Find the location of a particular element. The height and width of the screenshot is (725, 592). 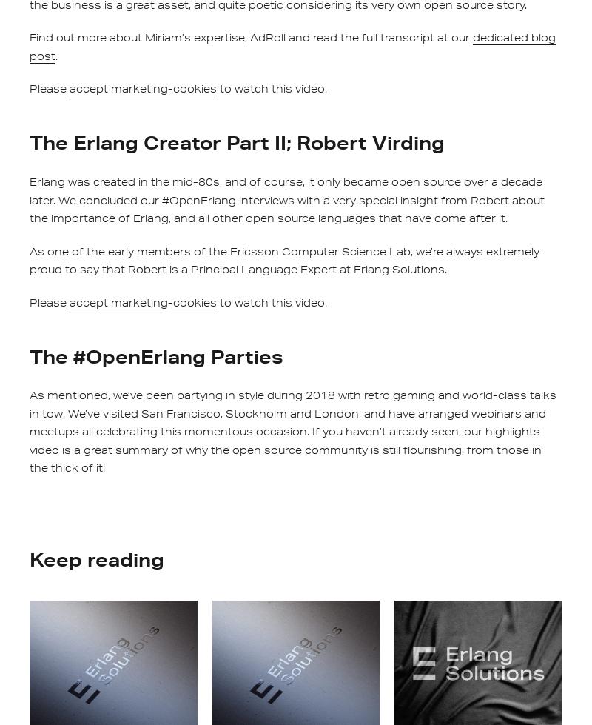

'The Erlang Creator Part II; Robert Virding' is located at coordinates (29, 142).